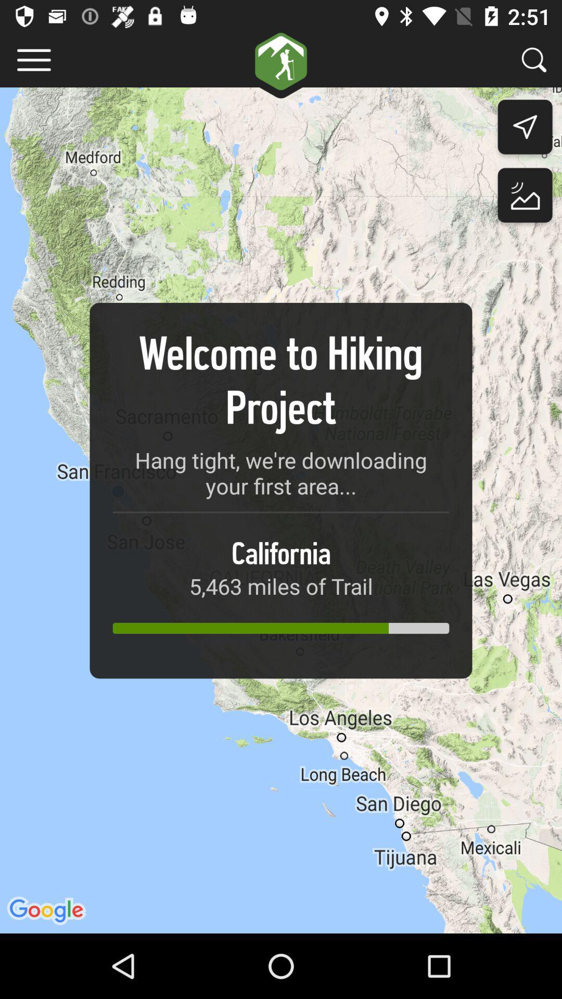 Image resolution: width=562 pixels, height=999 pixels. What do you see at coordinates (534, 59) in the screenshot?
I see `search` at bounding box center [534, 59].